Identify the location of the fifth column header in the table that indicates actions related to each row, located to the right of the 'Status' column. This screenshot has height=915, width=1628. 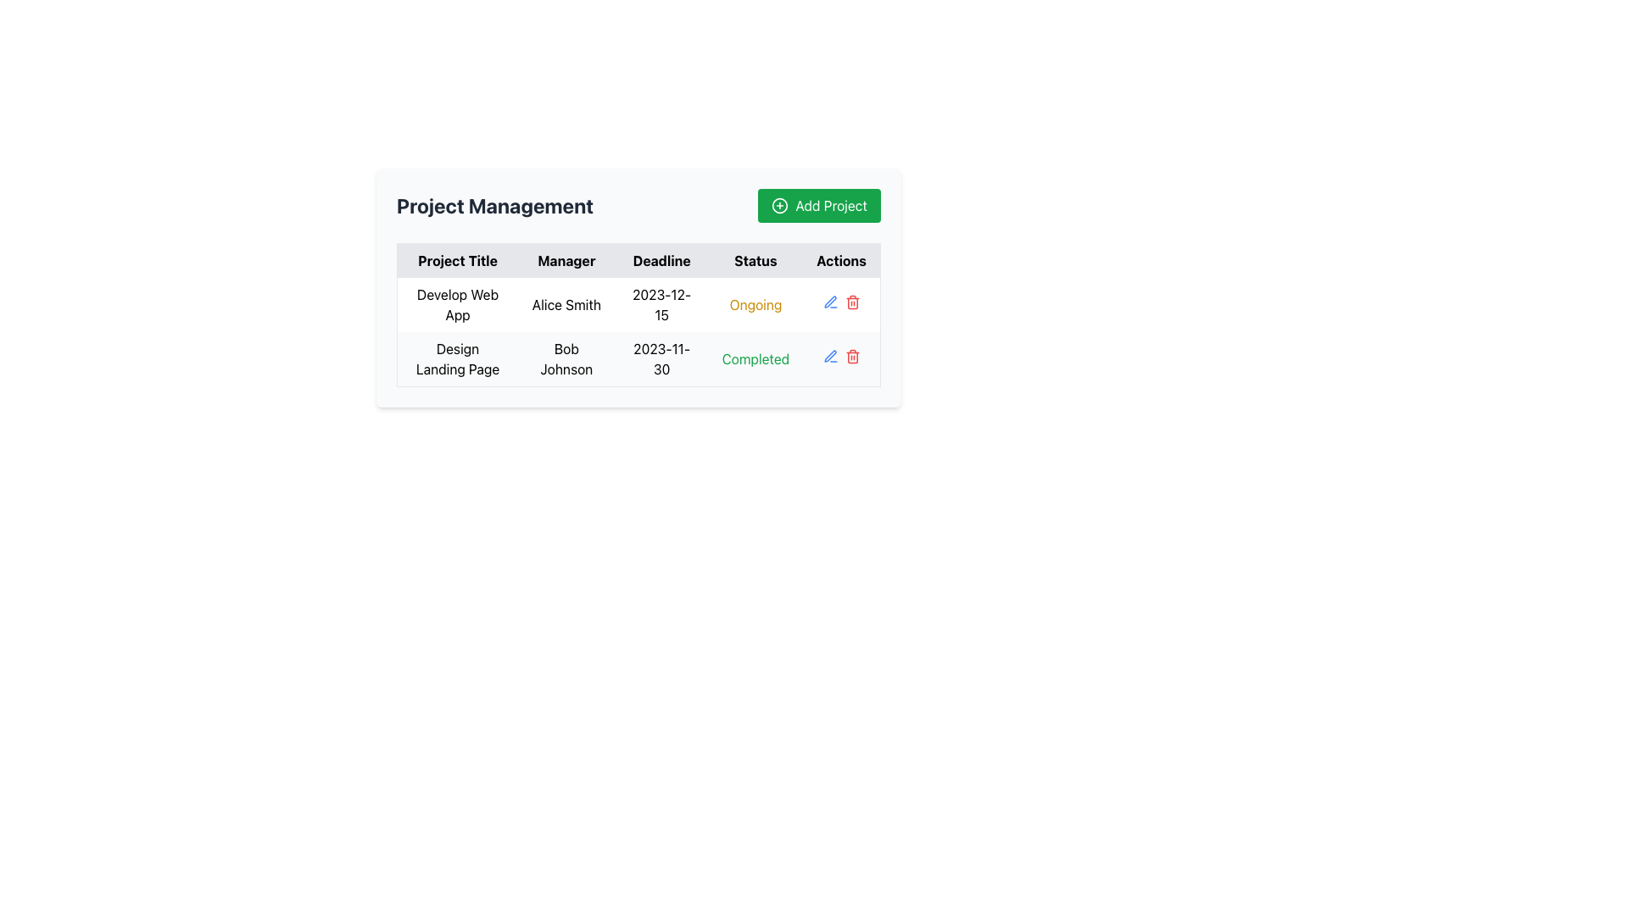
(841, 260).